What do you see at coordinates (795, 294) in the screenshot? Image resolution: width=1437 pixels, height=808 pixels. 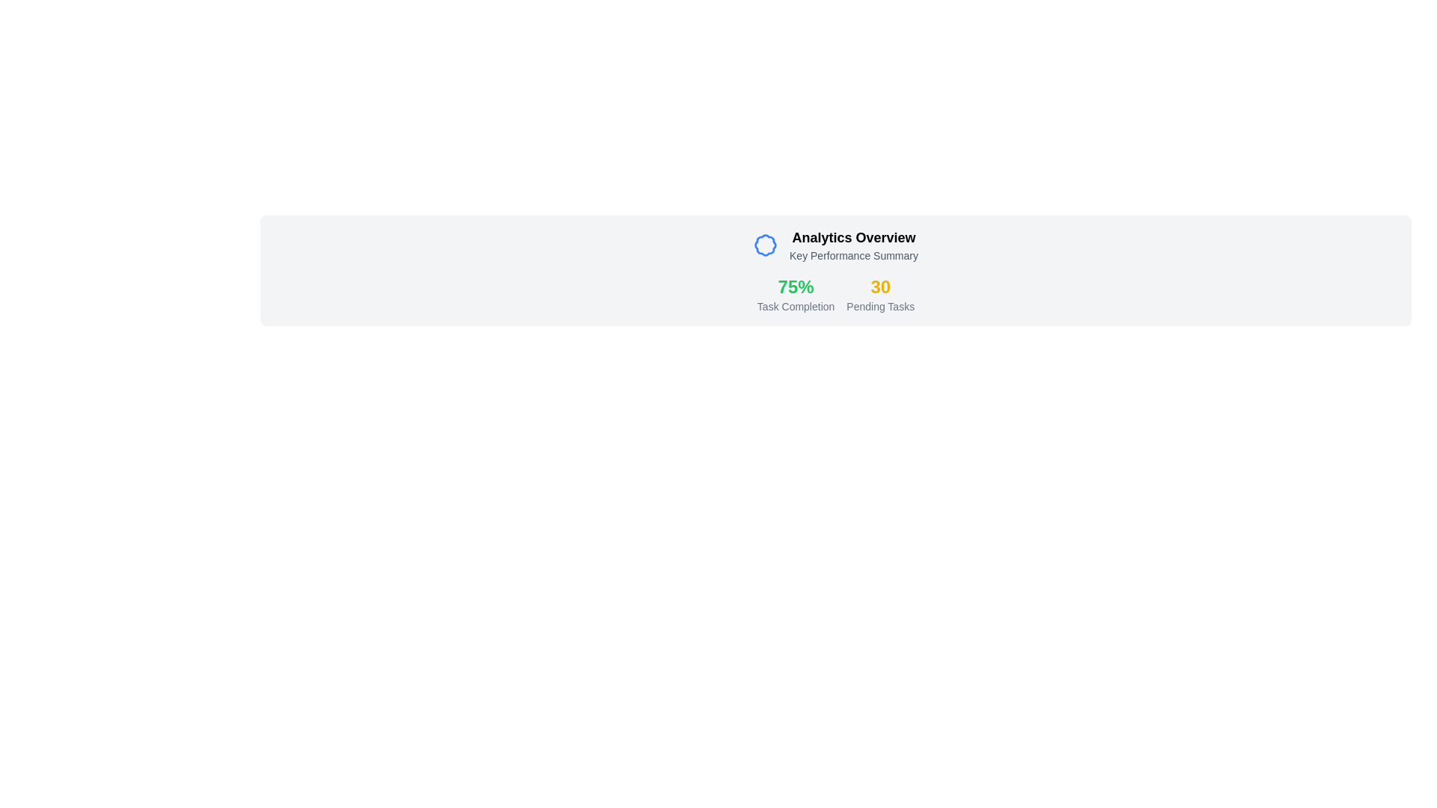 I see `the informational display element that visually represents the percentage of task completion, located beneath the 'Analytics Overview' header and to the left of the '30 Pending Tasks' element` at bounding box center [795, 294].